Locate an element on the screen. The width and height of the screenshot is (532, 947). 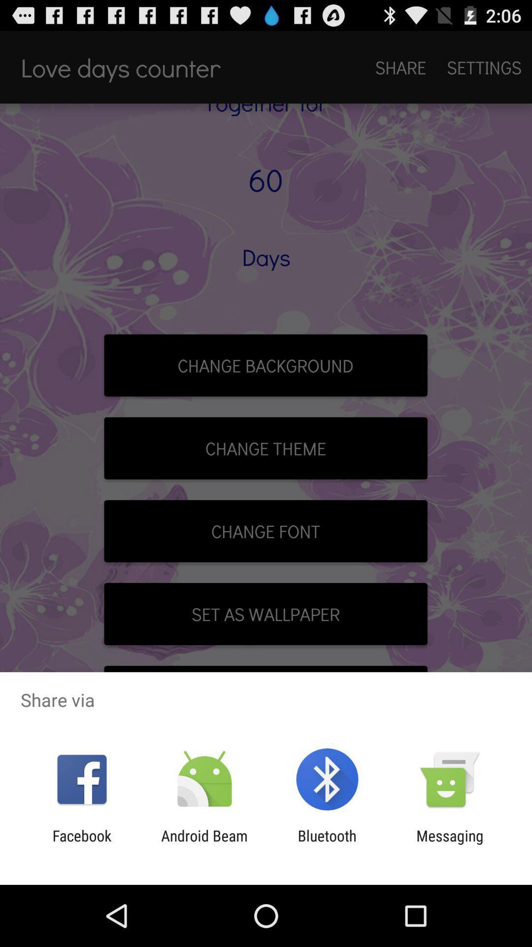
the item next to the bluetooth app is located at coordinates (204, 844).